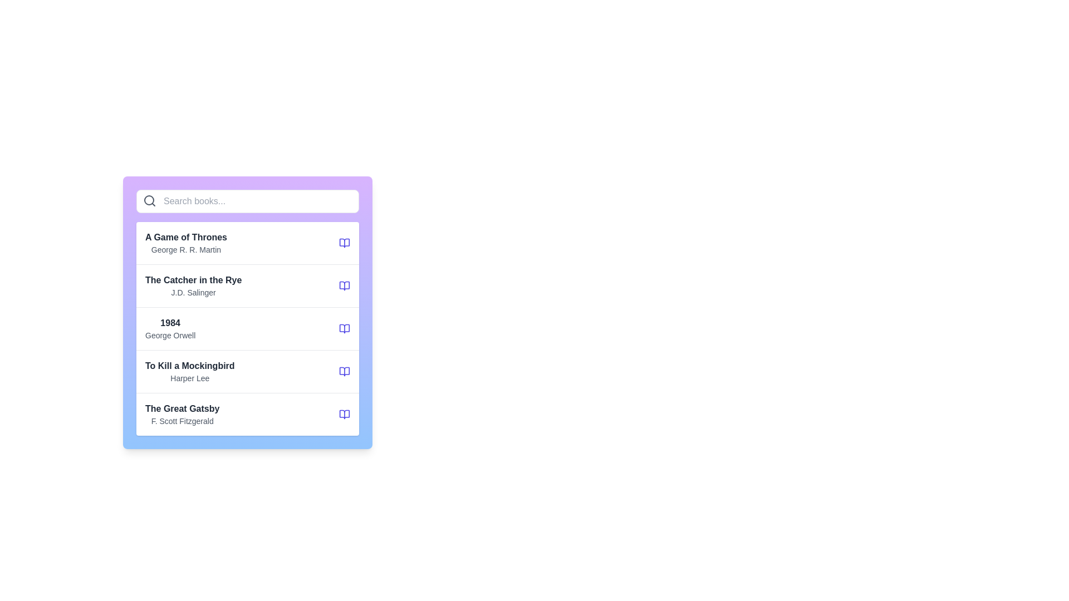 Image resolution: width=1069 pixels, height=601 pixels. What do you see at coordinates (149, 199) in the screenshot?
I see `the circular part of the search icon, which is outlined in black and has no fill, representing the magnifying glass icon` at bounding box center [149, 199].